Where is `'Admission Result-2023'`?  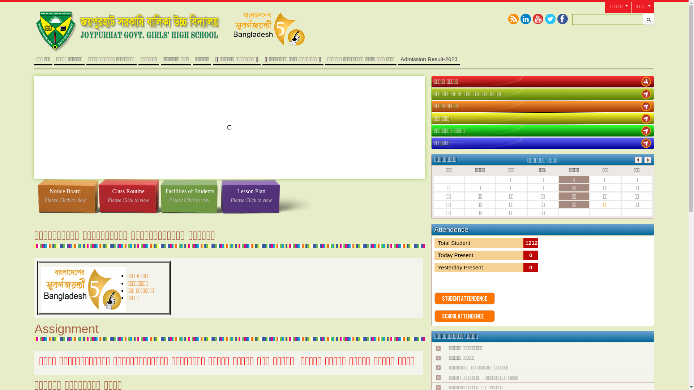 'Admission Result-2023' is located at coordinates (429, 58).